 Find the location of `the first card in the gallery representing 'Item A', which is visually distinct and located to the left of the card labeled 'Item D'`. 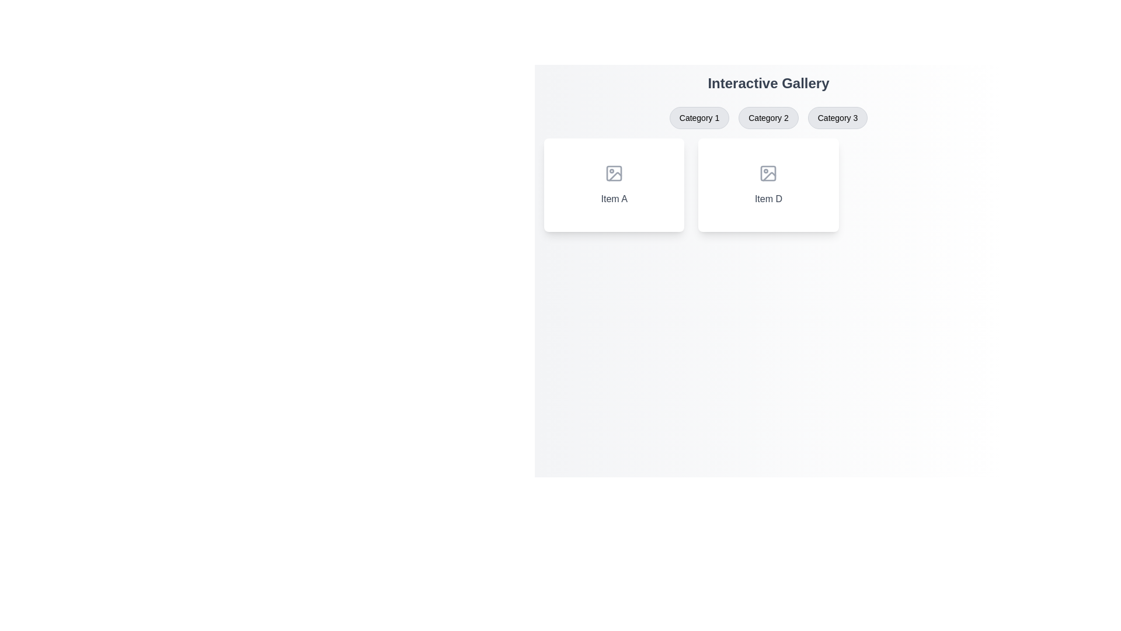

the first card in the gallery representing 'Item A', which is visually distinct and located to the left of the card labeled 'Item D' is located at coordinates (614, 184).